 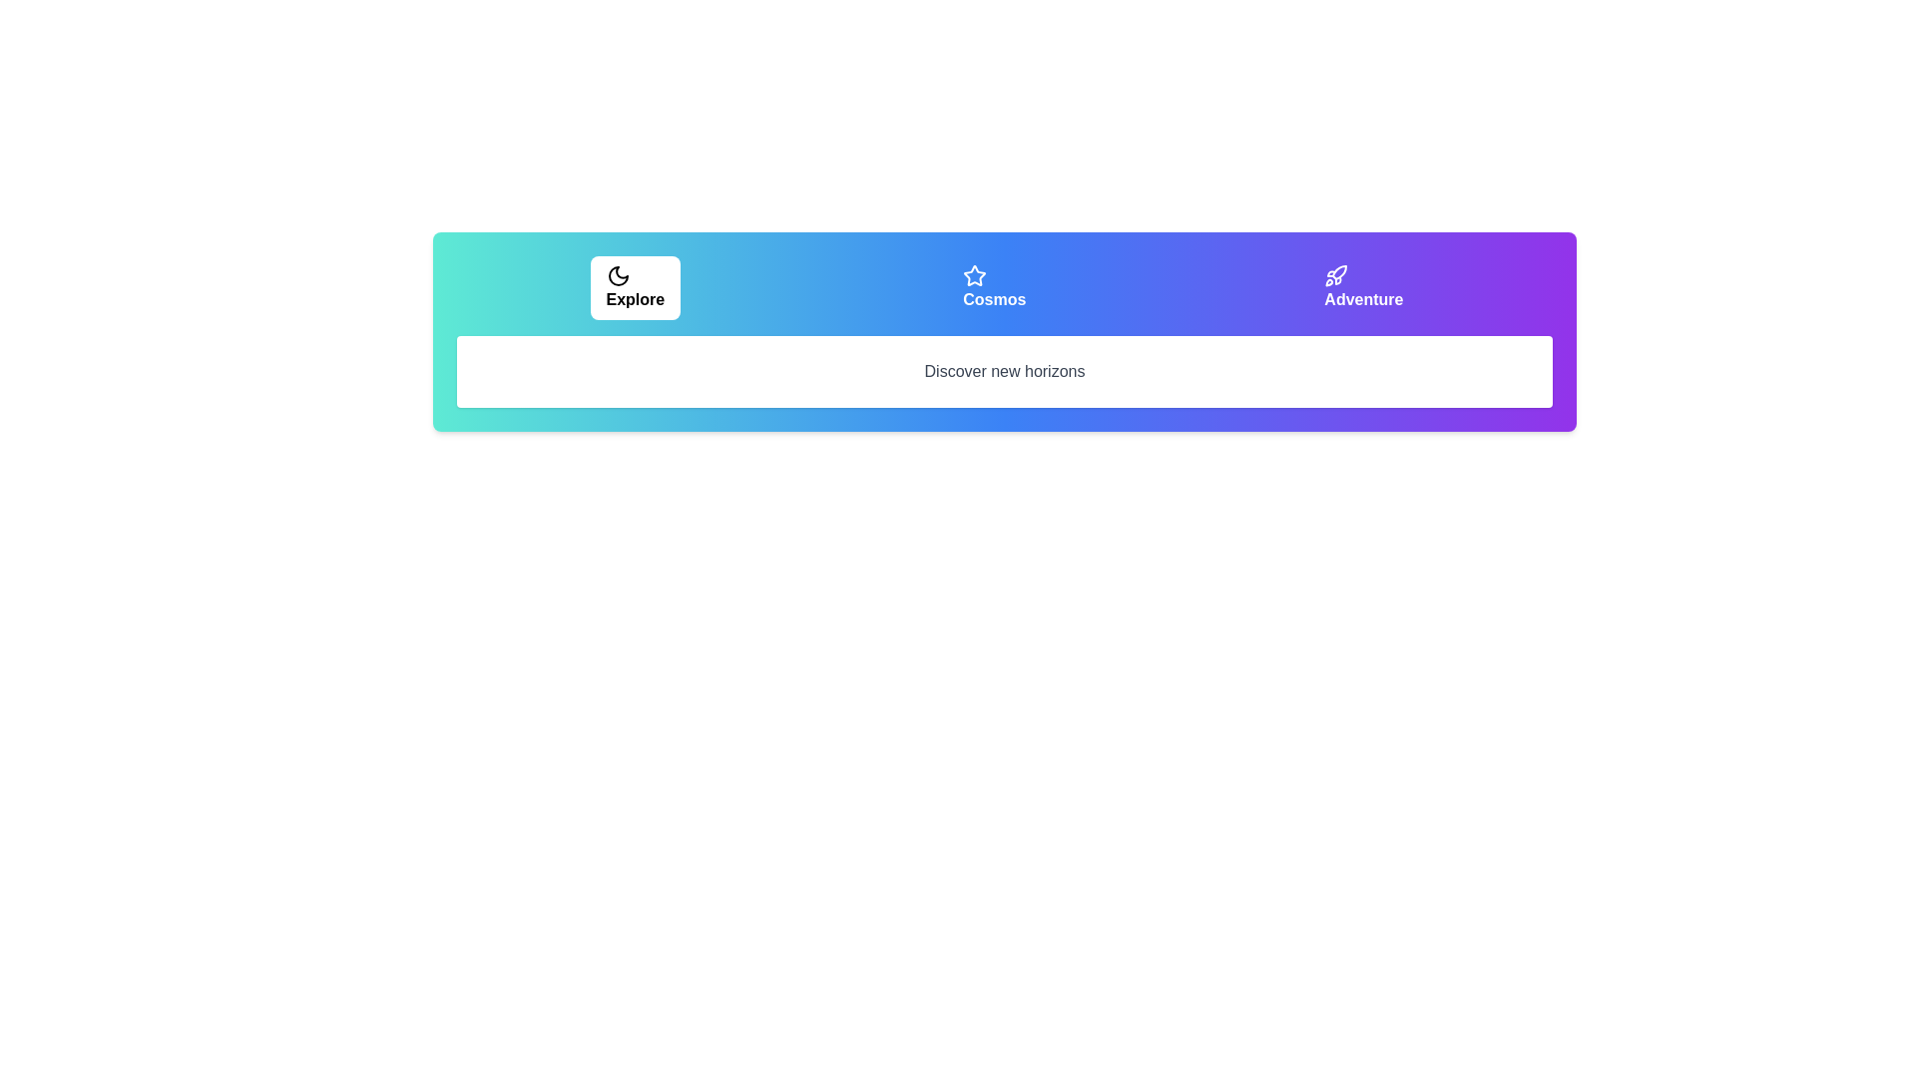 I want to click on the tab button labeled Cosmos, so click(x=994, y=288).